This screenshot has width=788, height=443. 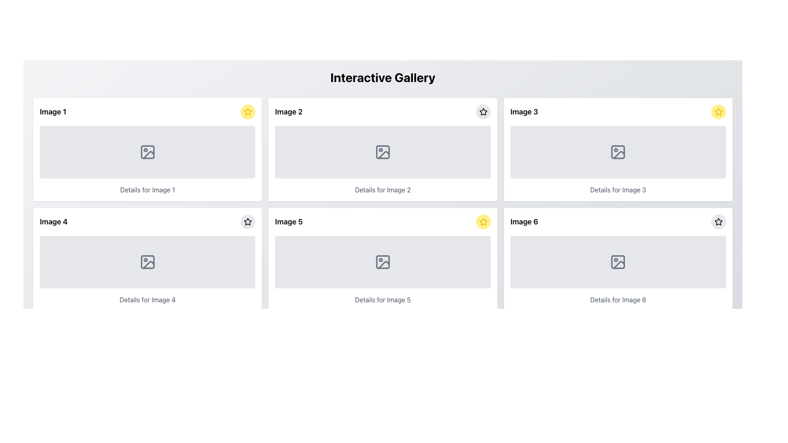 What do you see at coordinates (618, 259) in the screenshot?
I see `the Informative card titled 'Image 6' for rearrangement, which is located in the second row and third column of the grid layout` at bounding box center [618, 259].